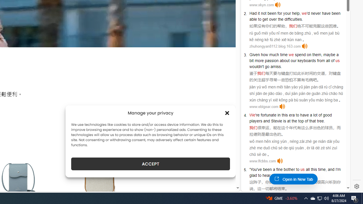  Describe the element at coordinates (304, 115) in the screenshot. I see `'have'` at that location.